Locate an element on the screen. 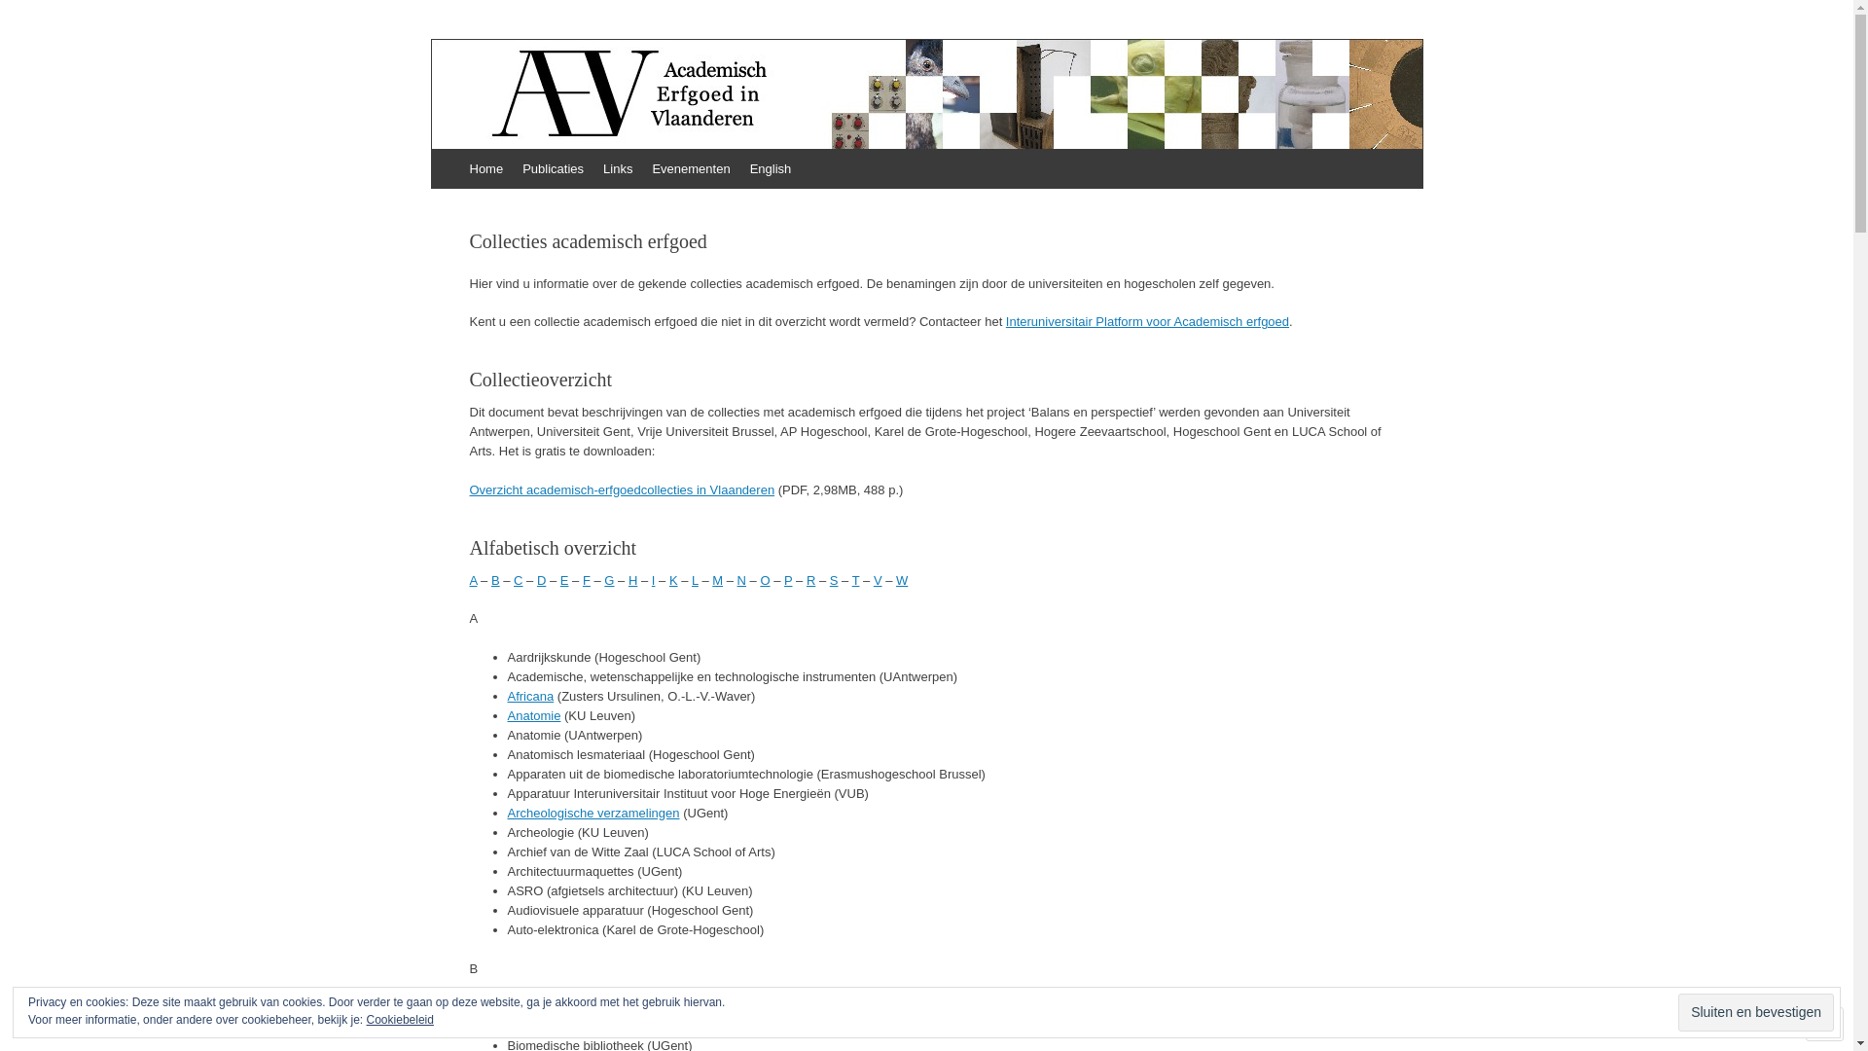  'Home' is located at coordinates (485, 167).